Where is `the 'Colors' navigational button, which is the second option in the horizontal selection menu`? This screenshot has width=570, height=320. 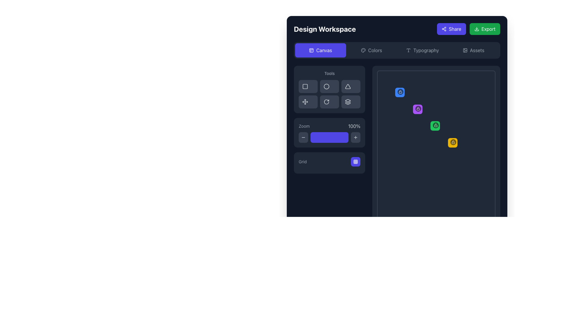 the 'Colors' navigational button, which is the second option in the horizontal selection menu is located at coordinates (371, 50).